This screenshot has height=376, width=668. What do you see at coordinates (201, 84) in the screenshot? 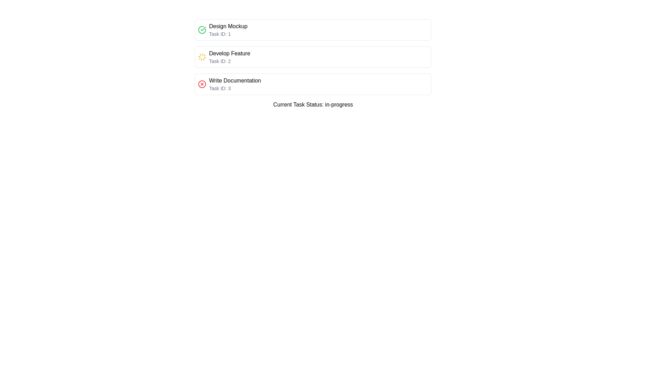
I see `the Indicator icon located within the 'Write Documentation' task block, which serves as a visual status indicator for errors or non-completion` at bounding box center [201, 84].